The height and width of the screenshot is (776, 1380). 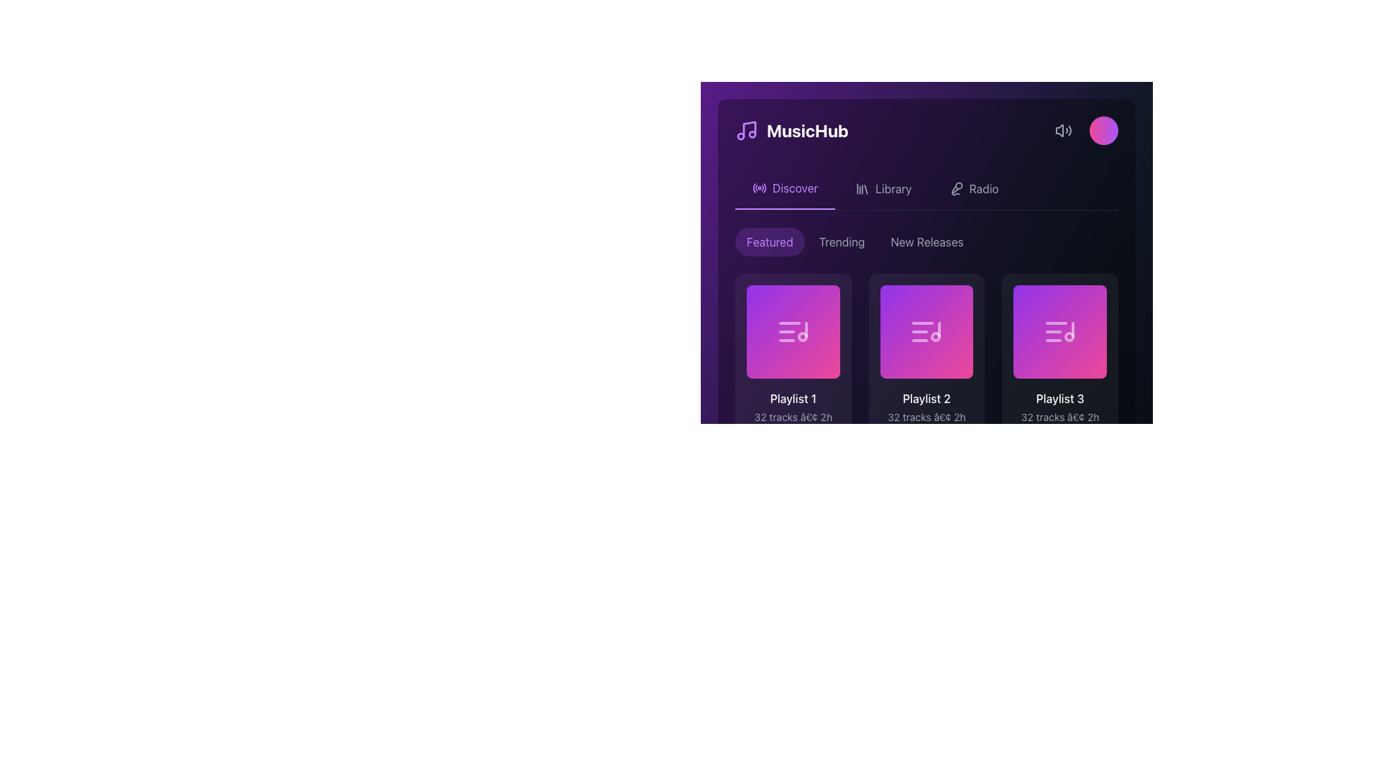 I want to click on the first playlist card under the 'Featured' tab in the 'Discover' section of the music application, so click(x=792, y=374).